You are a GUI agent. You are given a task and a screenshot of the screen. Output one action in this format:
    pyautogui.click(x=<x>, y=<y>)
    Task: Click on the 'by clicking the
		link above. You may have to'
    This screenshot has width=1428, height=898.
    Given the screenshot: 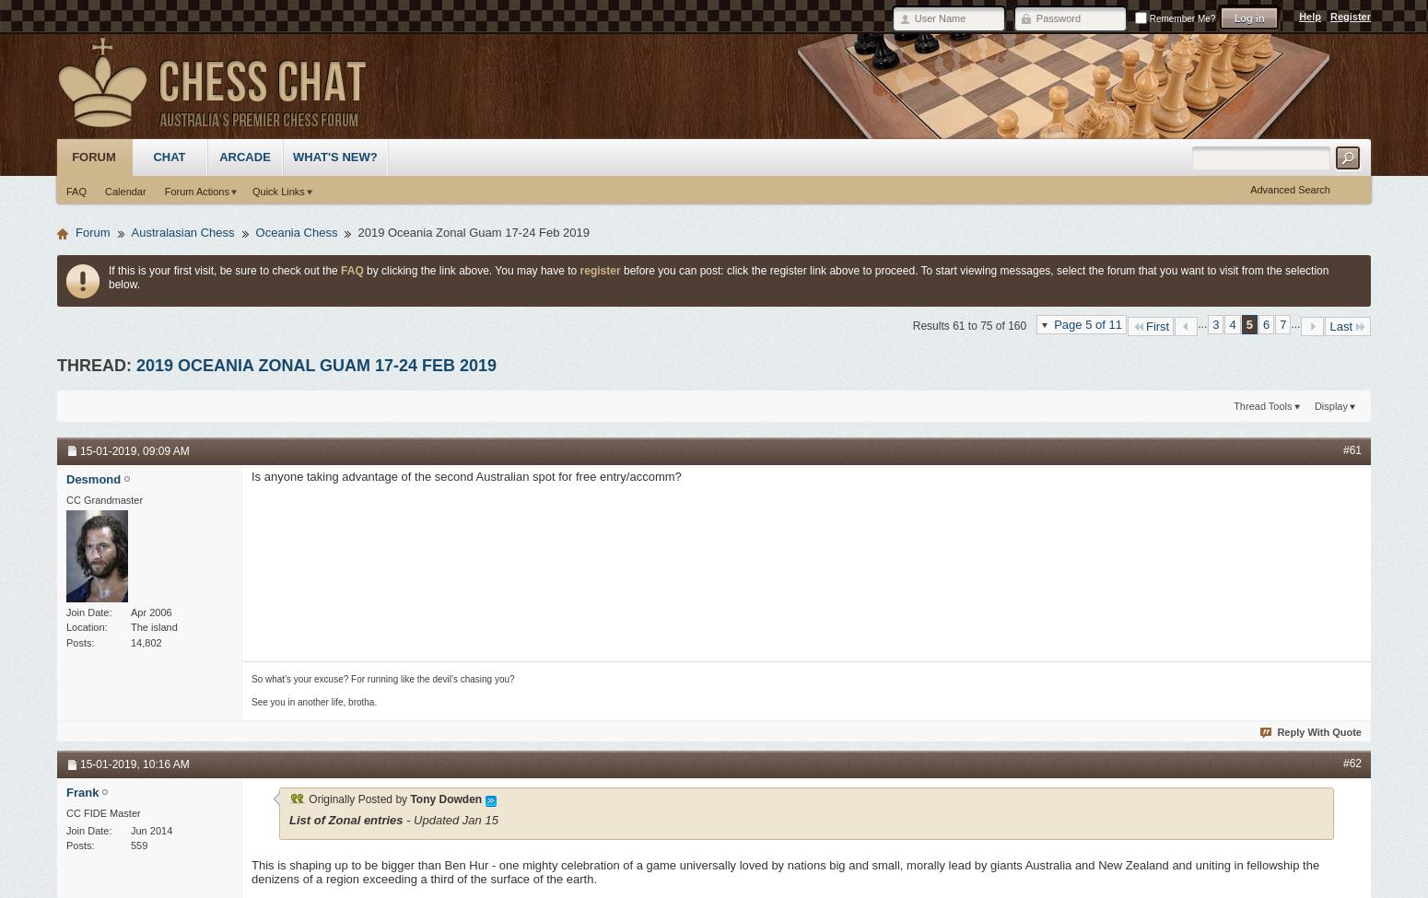 What is the action you would take?
    pyautogui.click(x=470, y=269)
    